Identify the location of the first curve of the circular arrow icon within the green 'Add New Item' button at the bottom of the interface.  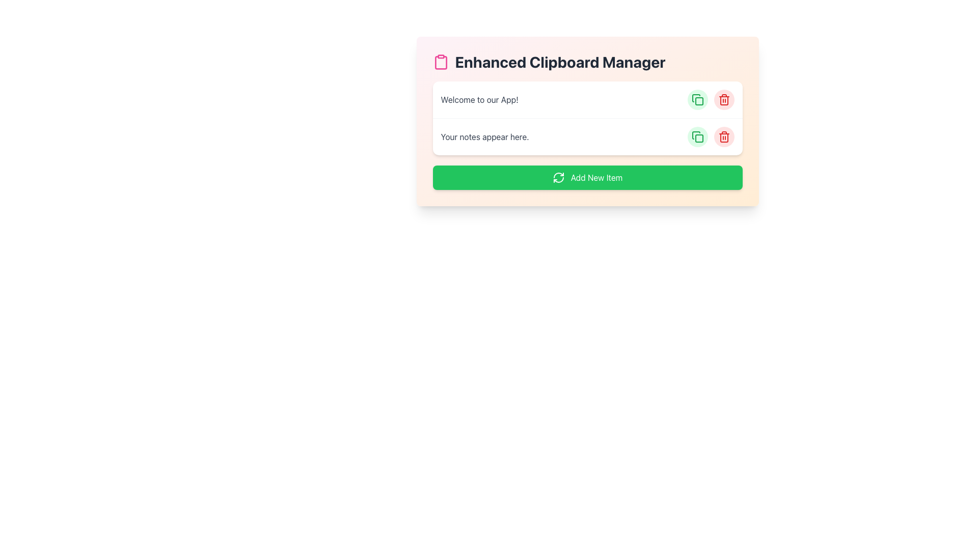
(558, 175).